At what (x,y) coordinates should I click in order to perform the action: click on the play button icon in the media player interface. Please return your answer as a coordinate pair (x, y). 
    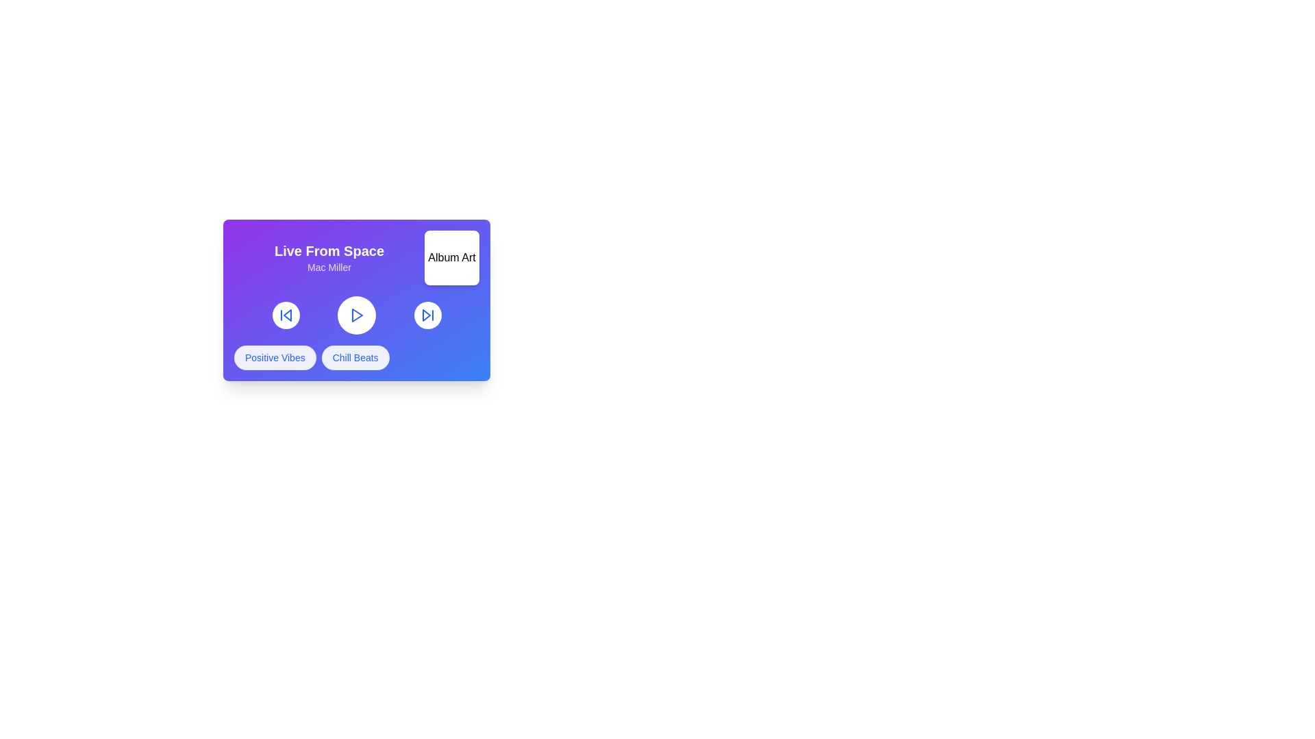
    Looking at the image, I should click on (357, 315).